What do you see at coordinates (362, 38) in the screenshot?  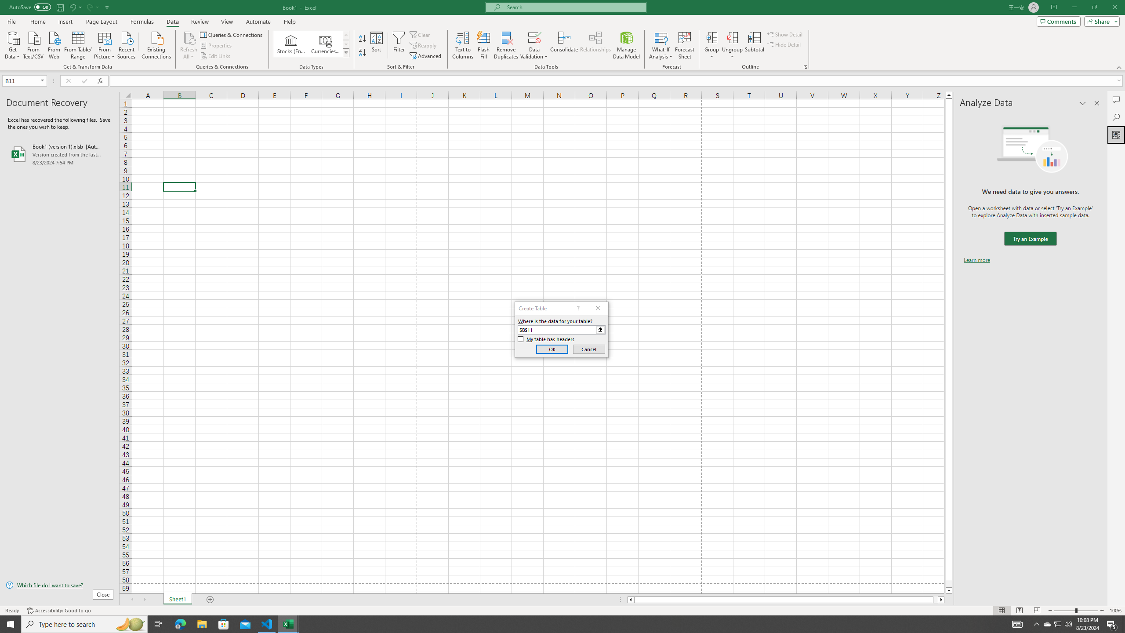 I see `'Sort A to Z'` at bounding box center [362, 38].